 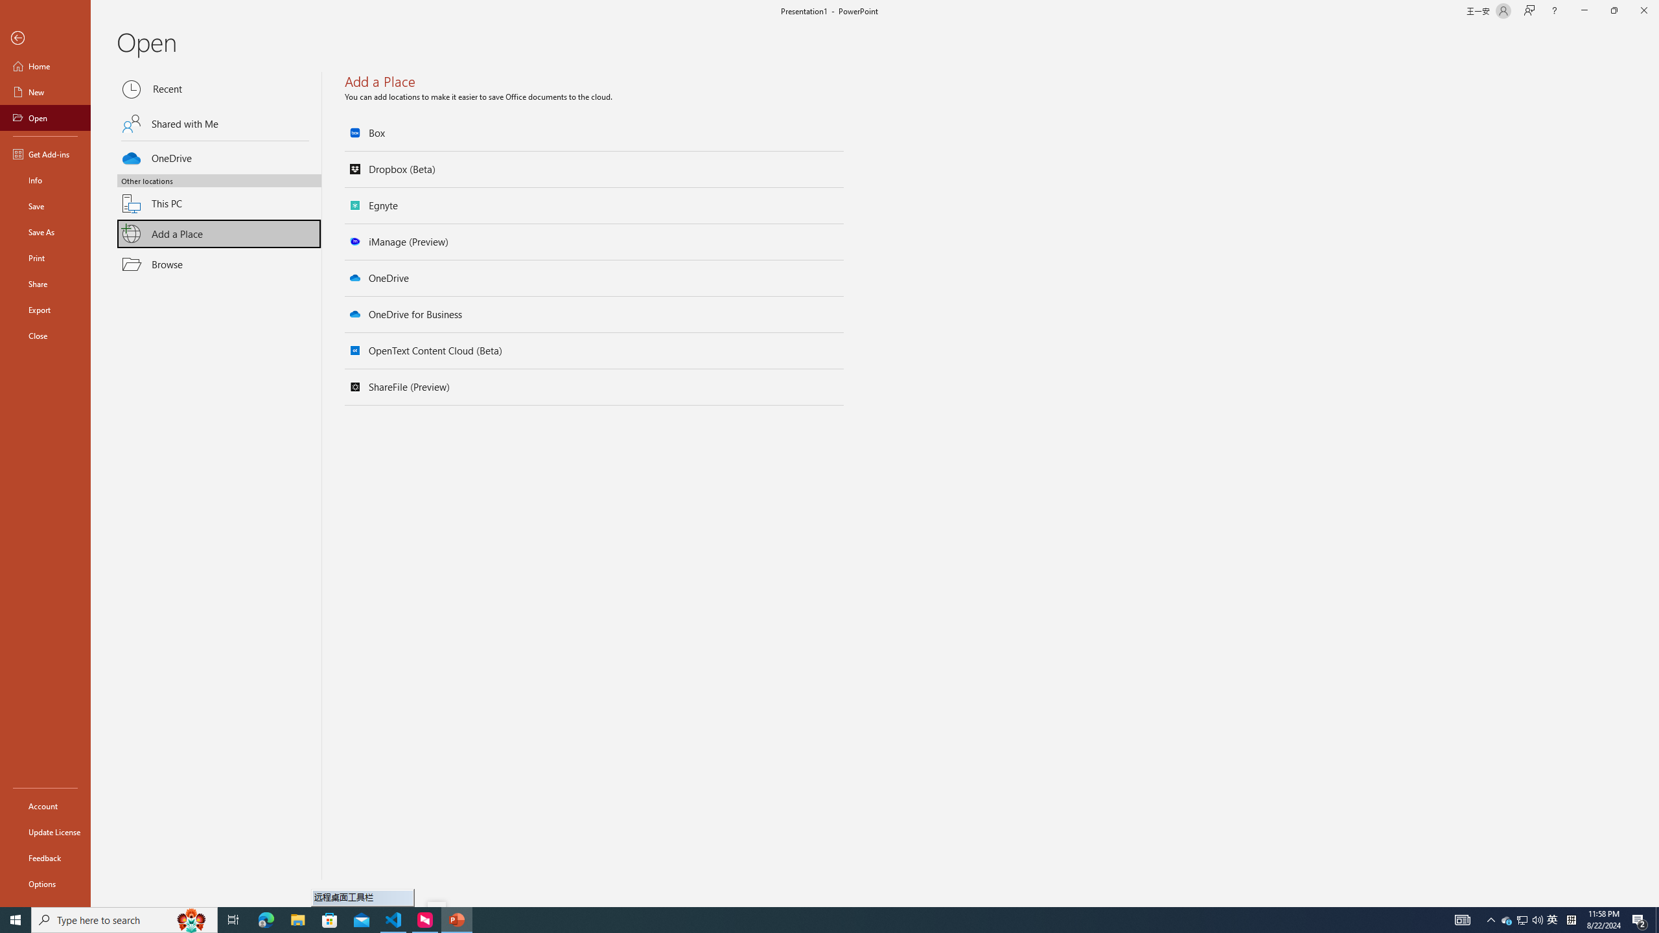 I want to click on 'Account', so click(x=45, y=806).